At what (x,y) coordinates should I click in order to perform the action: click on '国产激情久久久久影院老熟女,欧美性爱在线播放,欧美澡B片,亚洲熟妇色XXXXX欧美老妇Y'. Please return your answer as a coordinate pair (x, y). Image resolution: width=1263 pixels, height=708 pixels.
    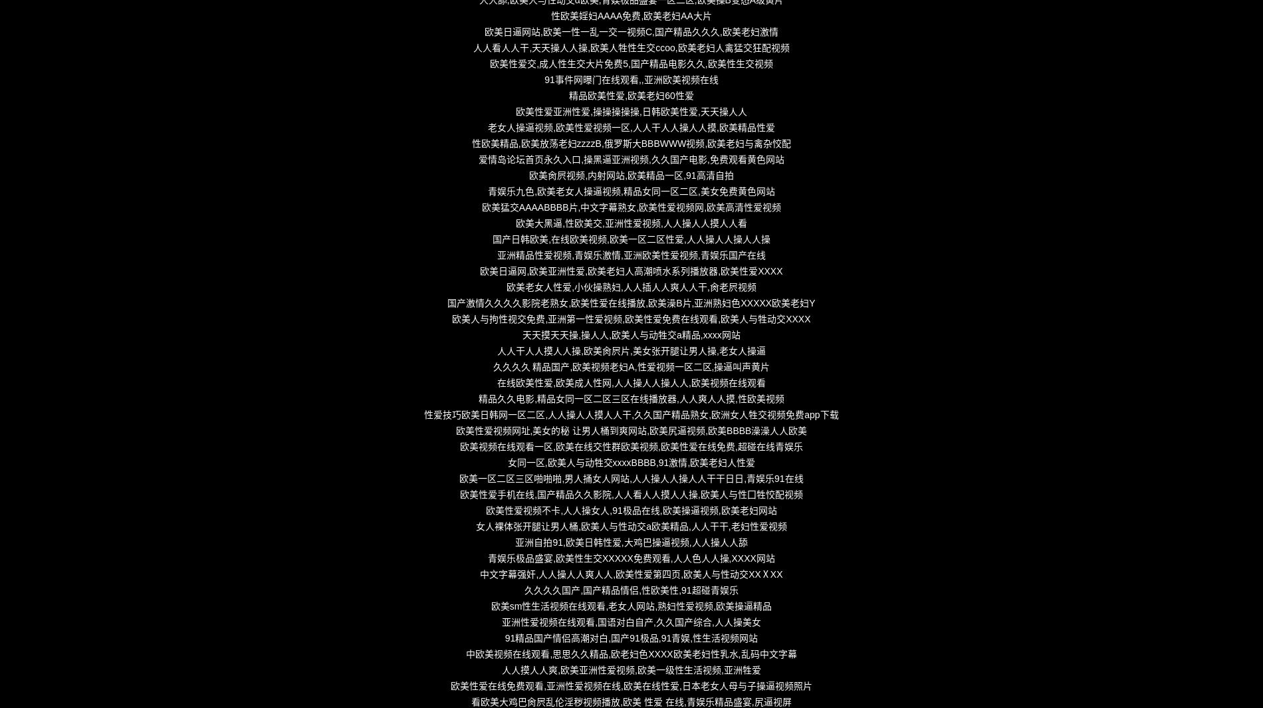
    Looking at the image, I should click on (630, 302).